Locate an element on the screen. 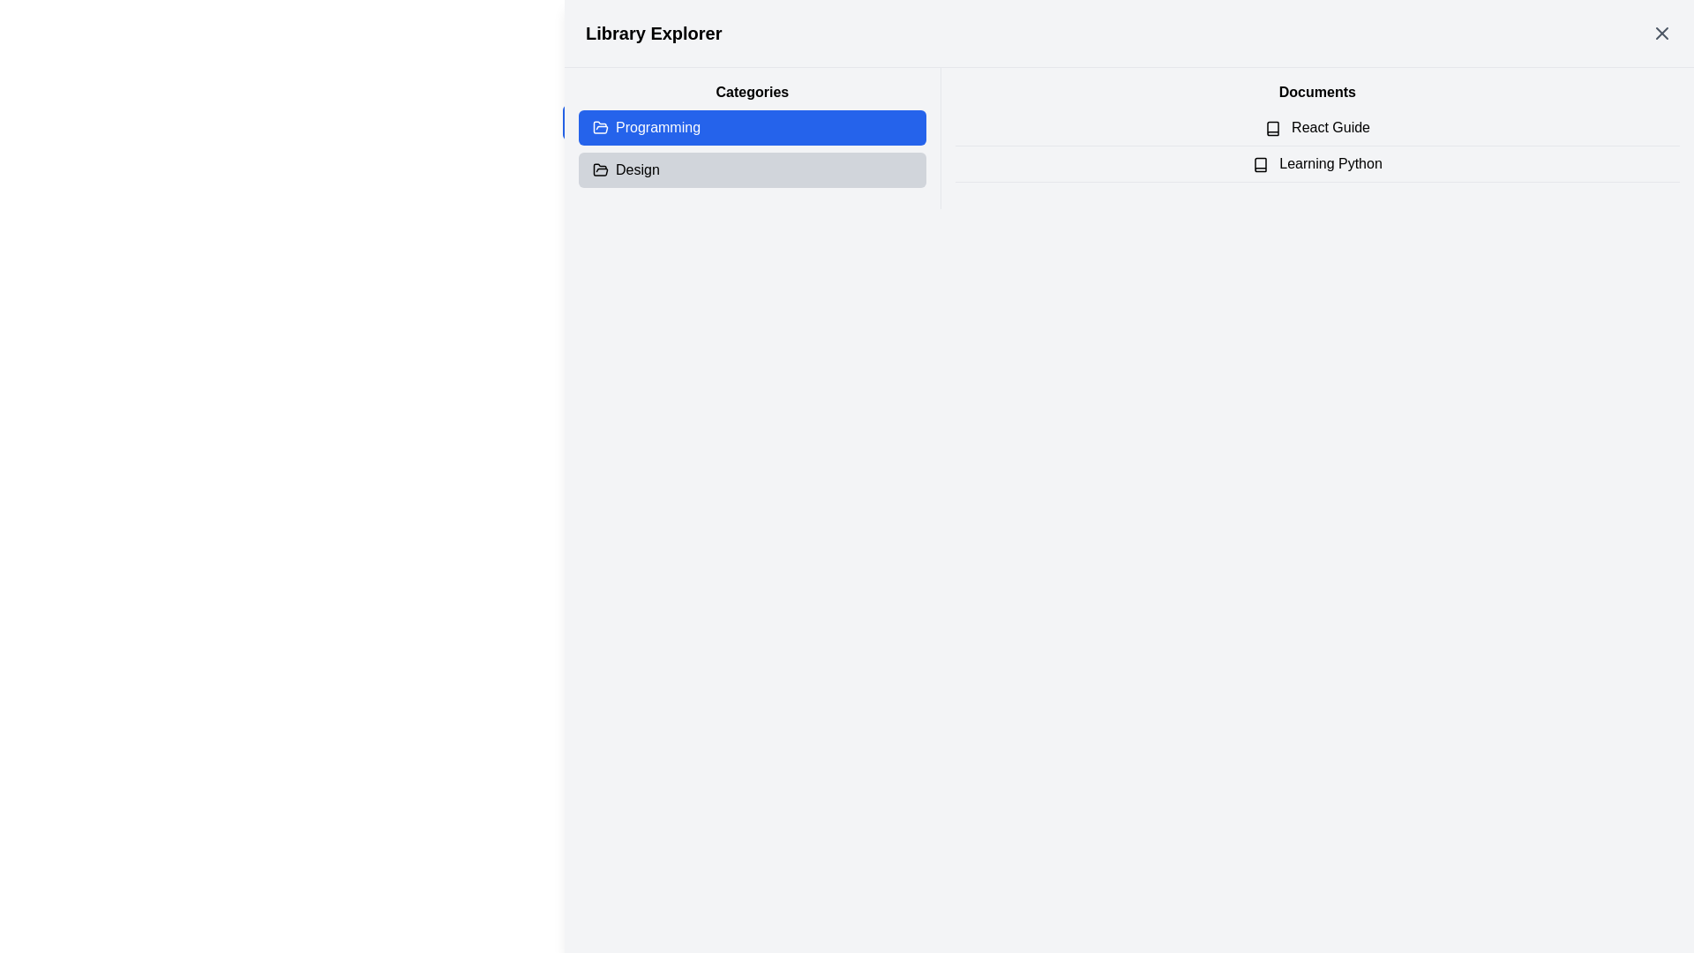 Image resolution: width=1694 pixels, height=953 pixels. the document icon representing a book in the 'Learning Python' row of the 'Documents' section is located at coordinates (1259, 164).